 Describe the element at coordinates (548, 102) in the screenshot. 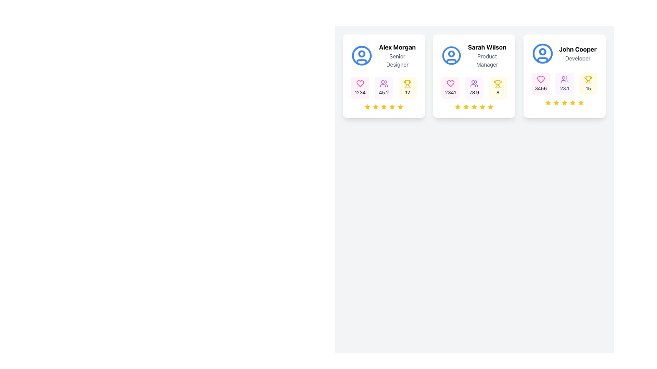

I see `the vibrant yellow star icon located at the bottom of John Cooper's profile card to rate it` at that location.